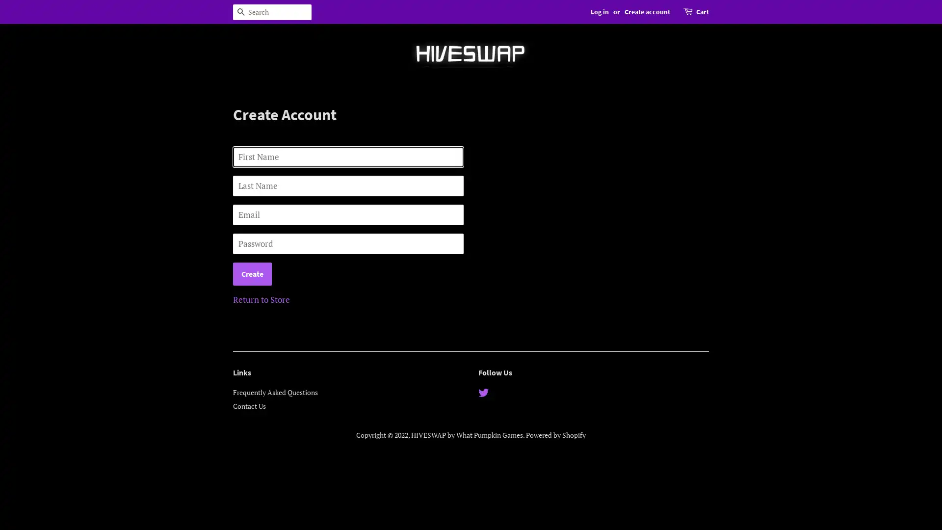 The image size is (942, 530). What do you see at coordinates (240, 12) in the screenshot?
I see `Search` at bounding box center [240, 12].